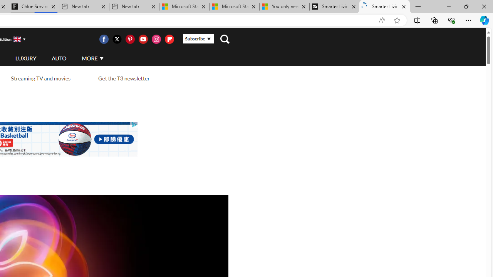 This screenshot has width=493, height=277. Describe the element at coordinates (124, 78) in the screenshot. I see `'Get the T3 newsletter'` at that location.